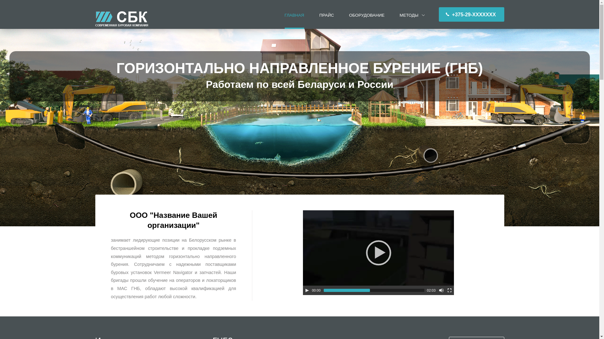 This screenshot has width=604, height=339. Describe the element at coordinates (307, 290) in the screenshot. I see `'Play/Pause'` at that location.